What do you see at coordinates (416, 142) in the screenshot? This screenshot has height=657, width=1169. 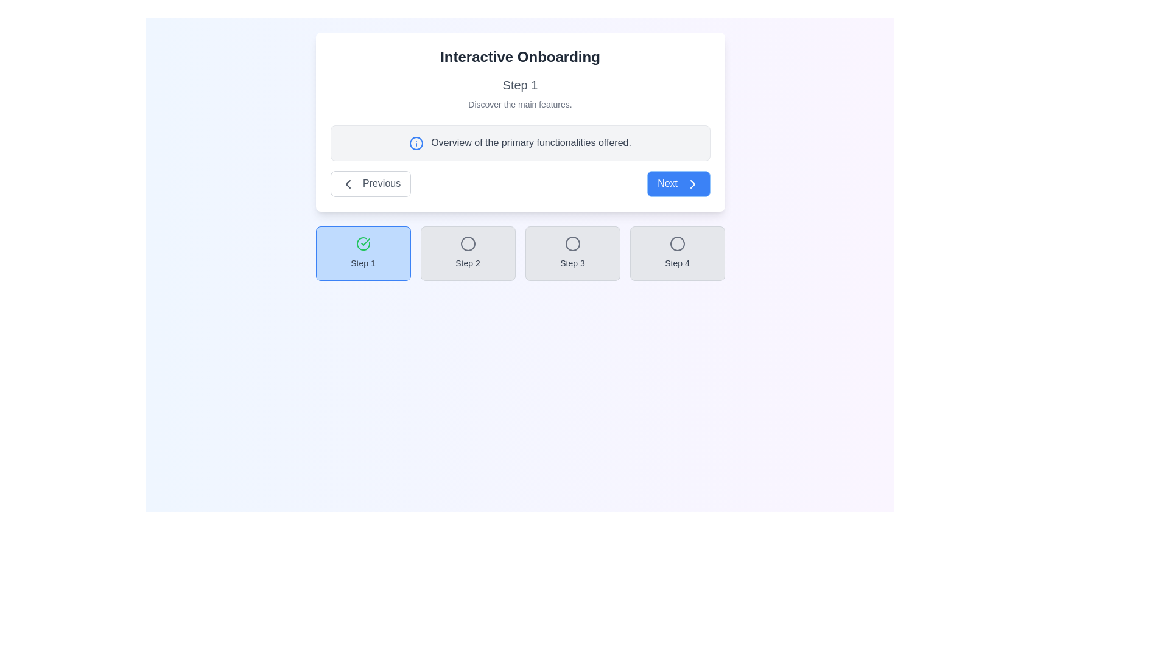 I see `the circular blue icon with an 'i' in the center, located to the left of the text 'Overview of the primary functionalities offered'` at bounding box center [416, 142].